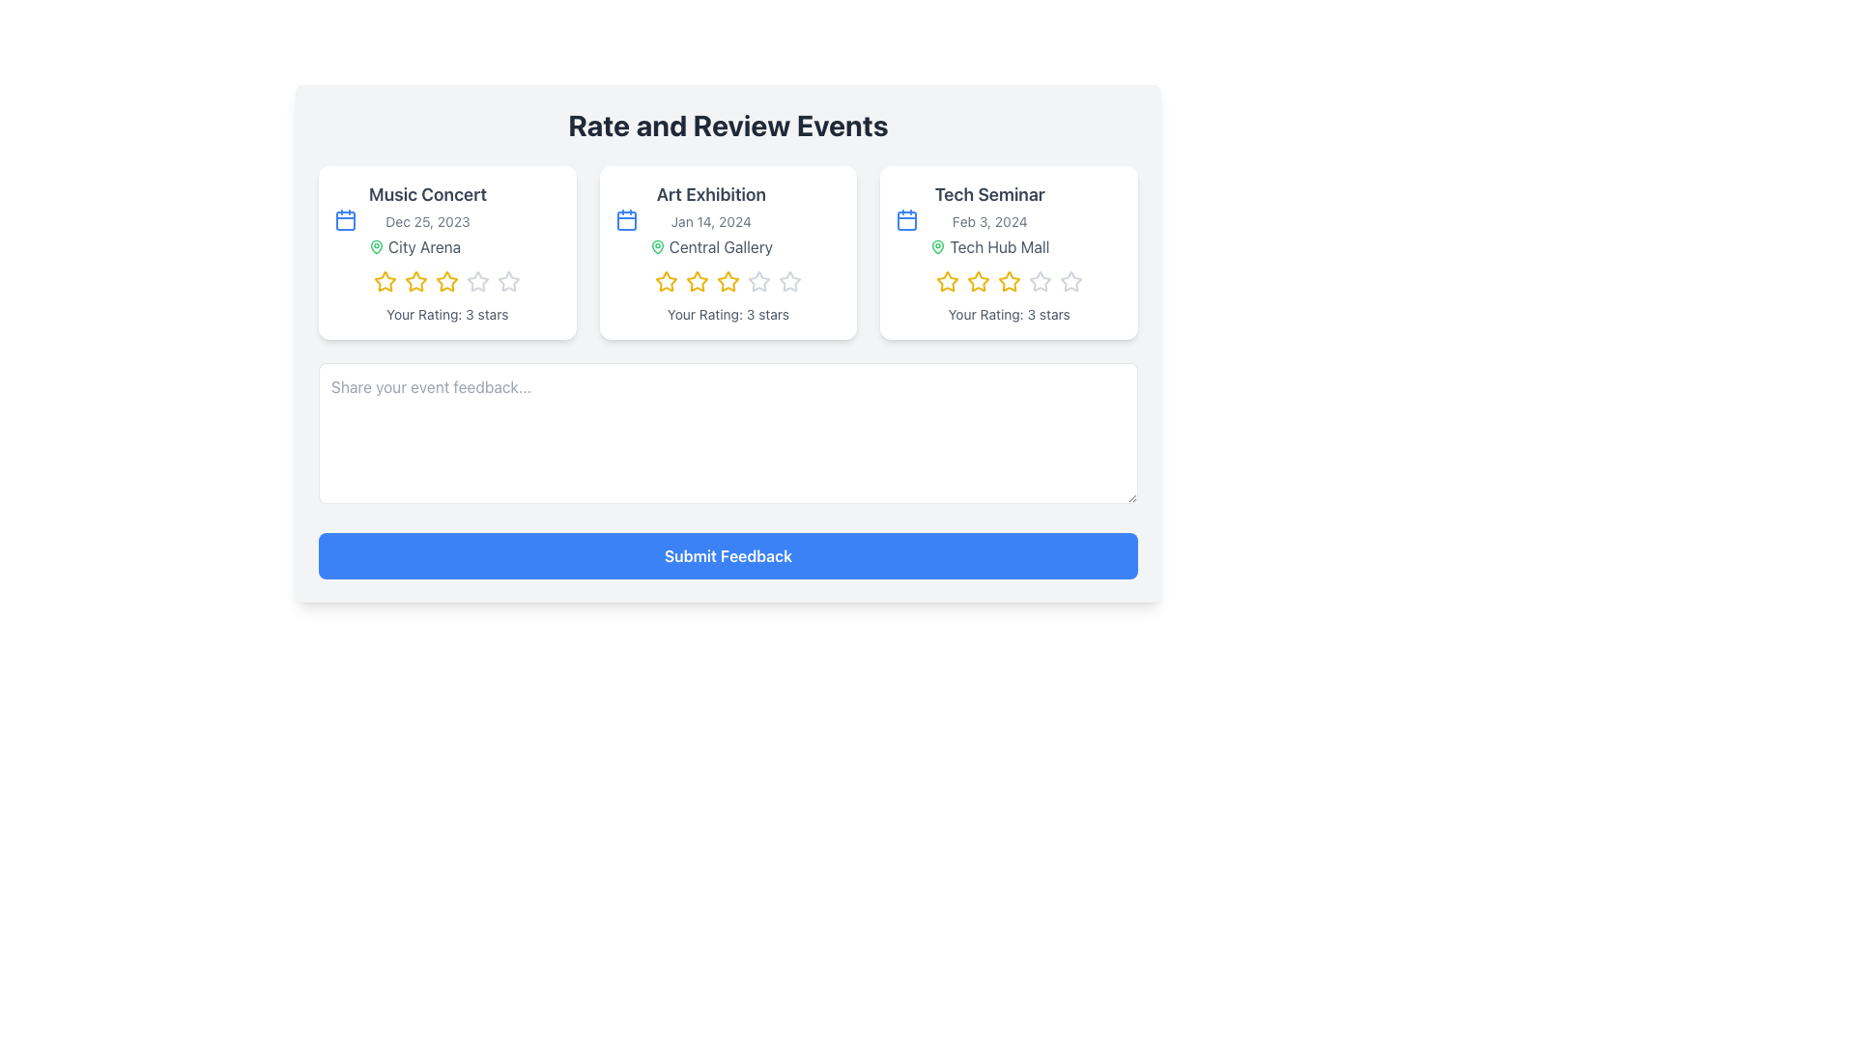 This screenshot has width=1855, height=1043. What do you see at coordinates (446, 282) in the screenshot?
I see `the group of five star icons in the 'Music Concert' card` at bounding box center [446, 282].